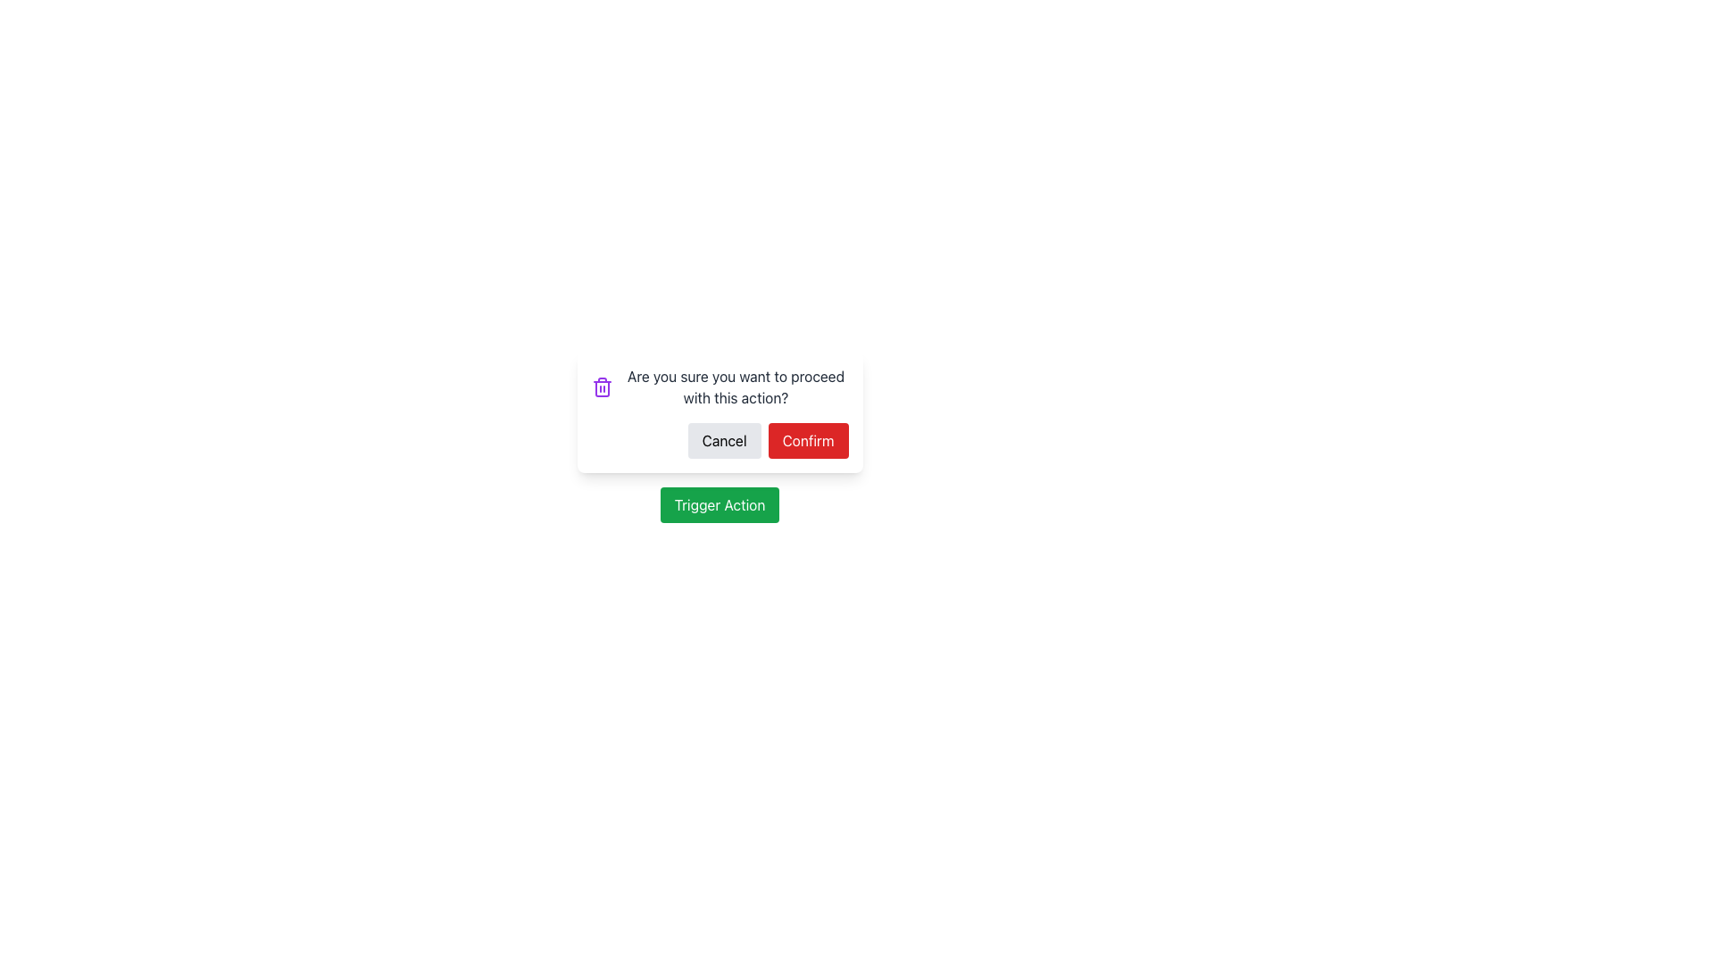  I want to click on the purple trash can icon, which is a vertical rectangle with rounded corners and hollow in the center, located towards the left side of the warning modal, so click(602, 387).